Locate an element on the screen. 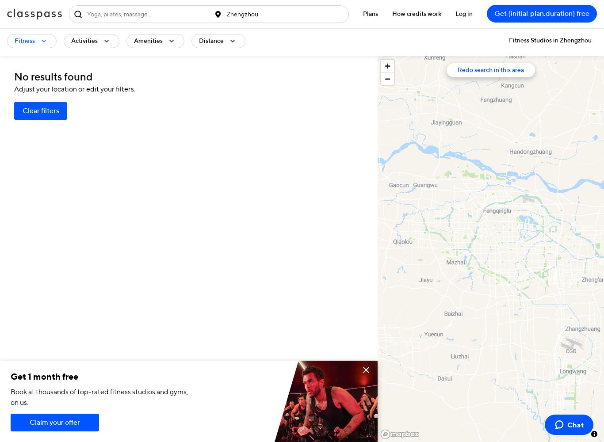 The width and height of the screenshot is (604, 442). 'Fitness Studios in Zhengzhou' is located at coordinates (550, 40).